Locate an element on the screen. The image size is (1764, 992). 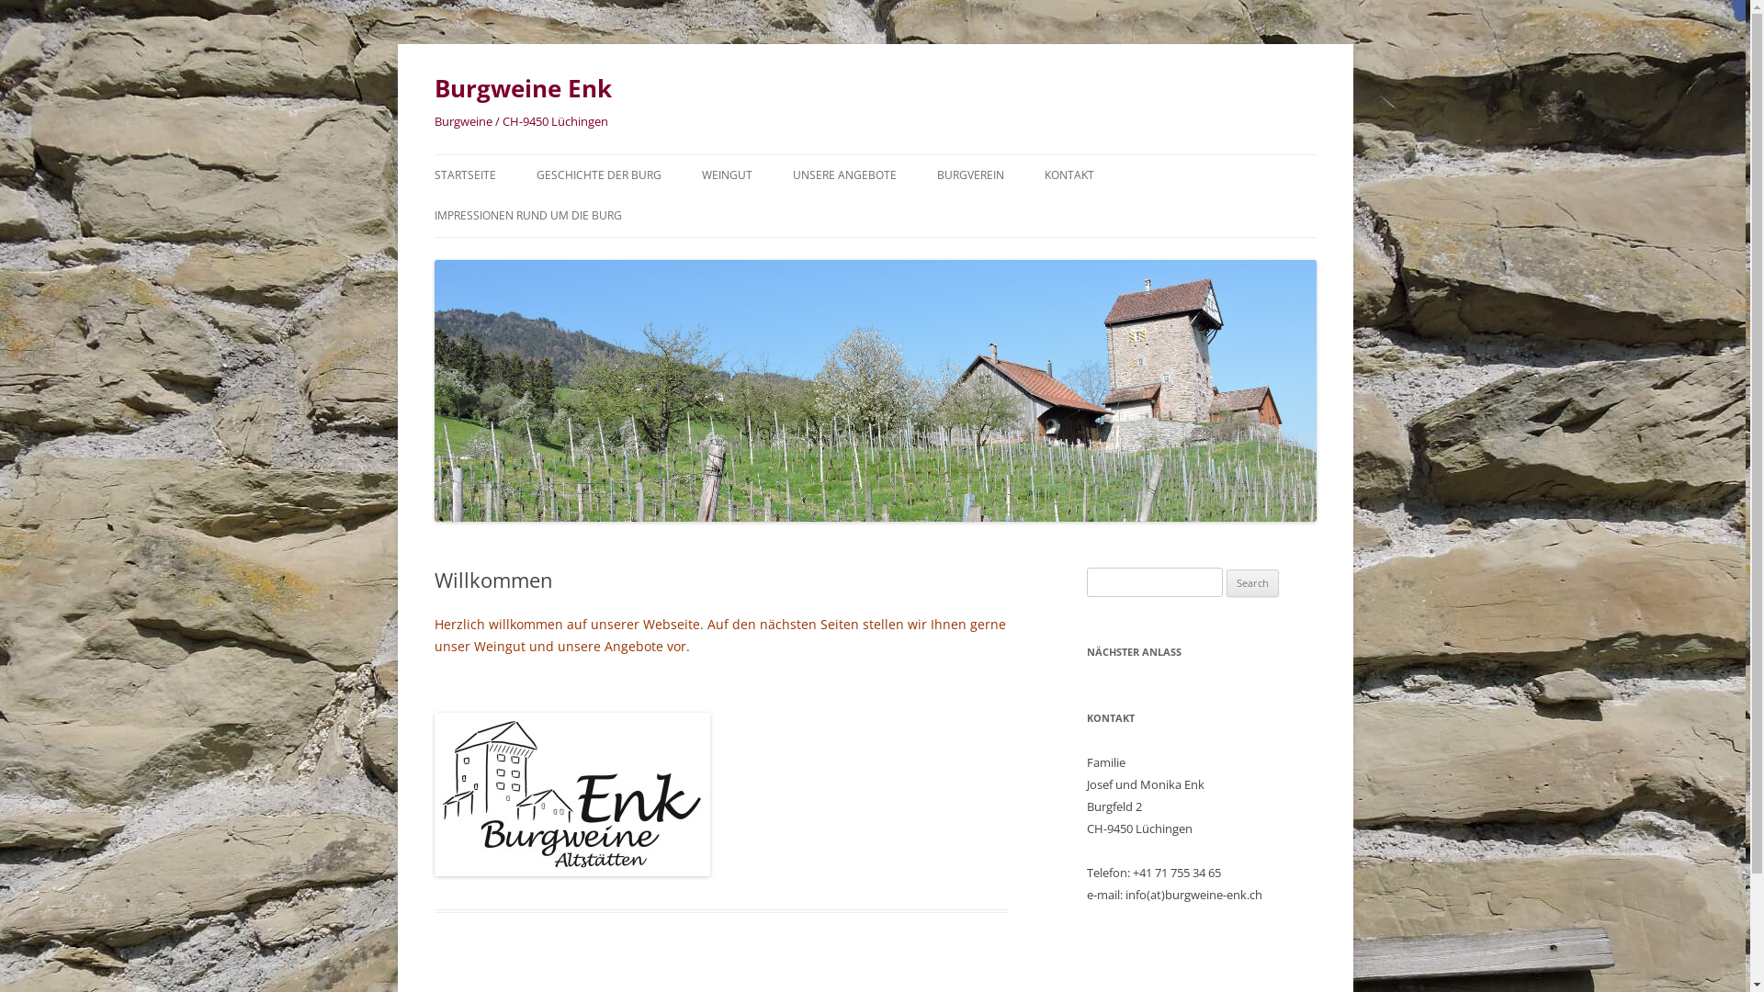
'IMPRESSIONEN RUND UM DIE BURG' is located at coordinates (526, 215).